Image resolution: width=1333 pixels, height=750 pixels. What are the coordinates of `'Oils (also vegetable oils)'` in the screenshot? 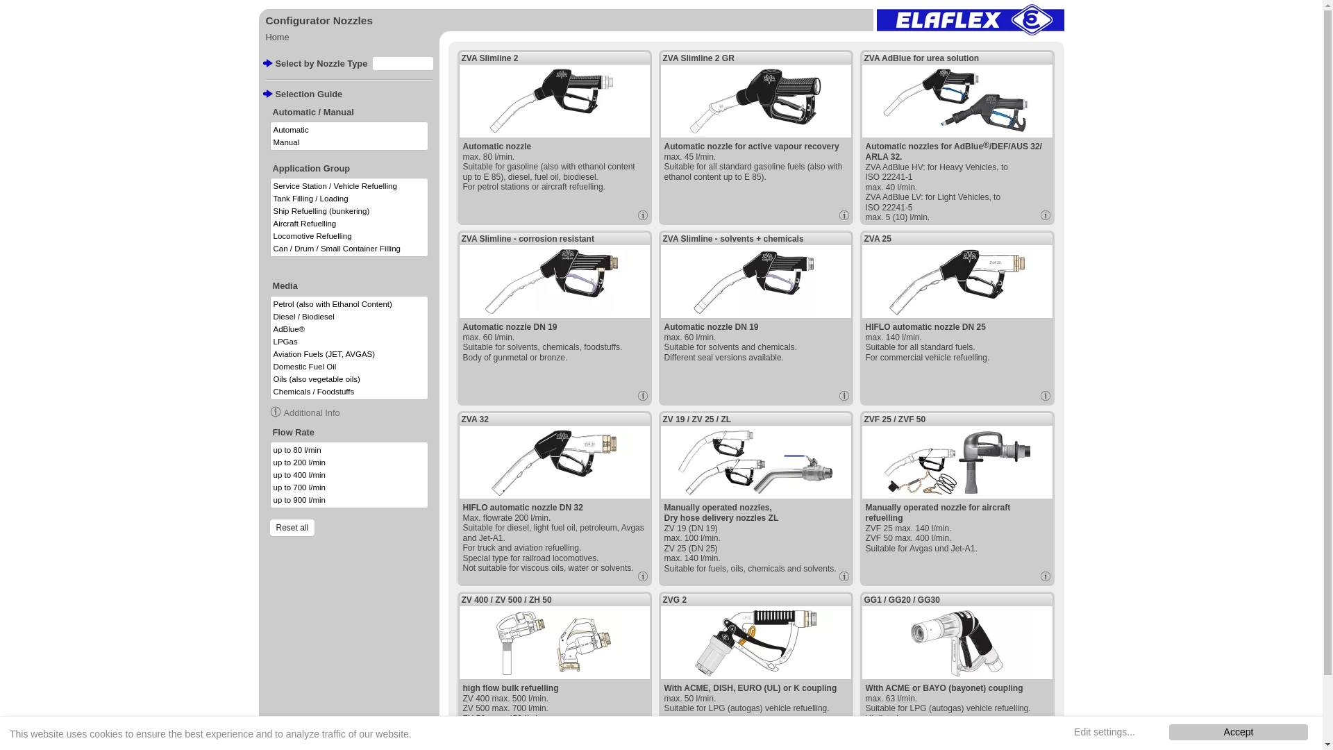 It's located at (270, 379).